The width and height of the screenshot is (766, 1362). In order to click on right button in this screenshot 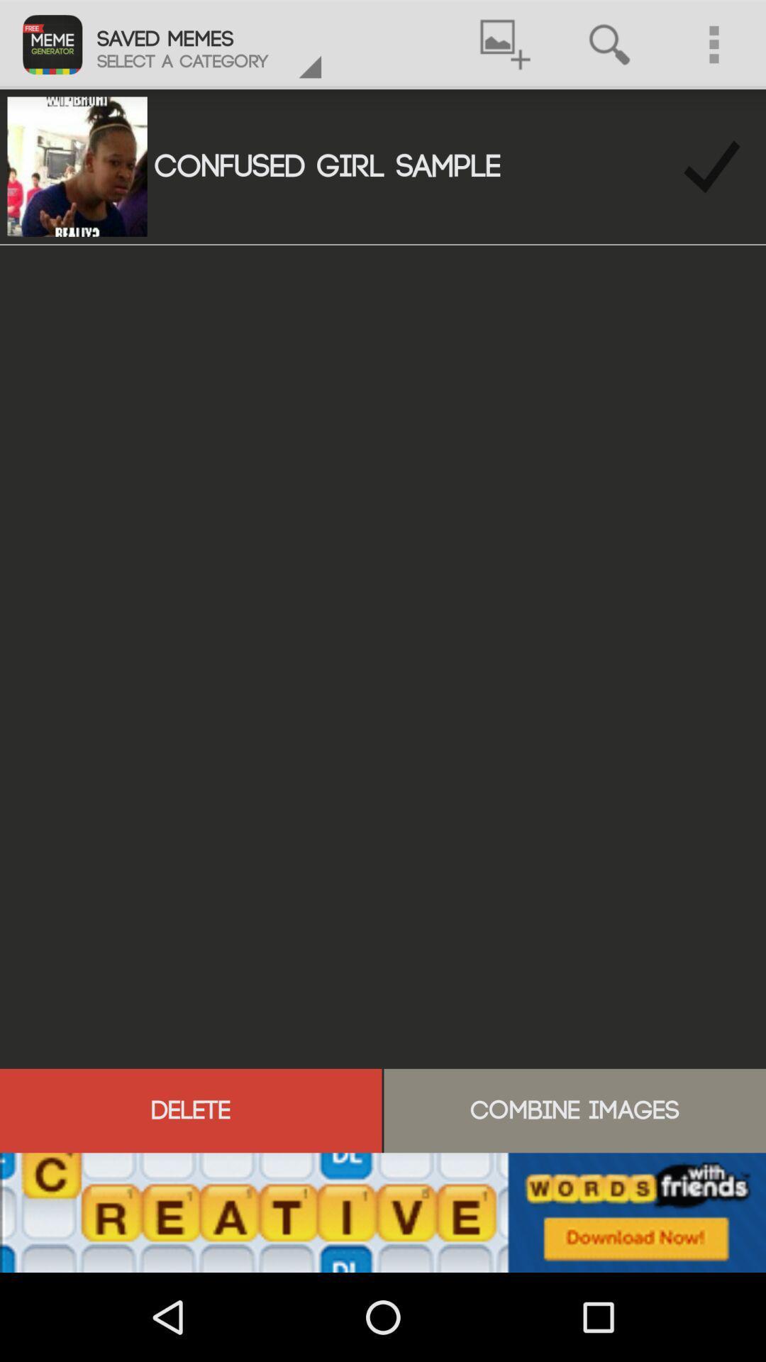, I will do `click(711, 167)`.